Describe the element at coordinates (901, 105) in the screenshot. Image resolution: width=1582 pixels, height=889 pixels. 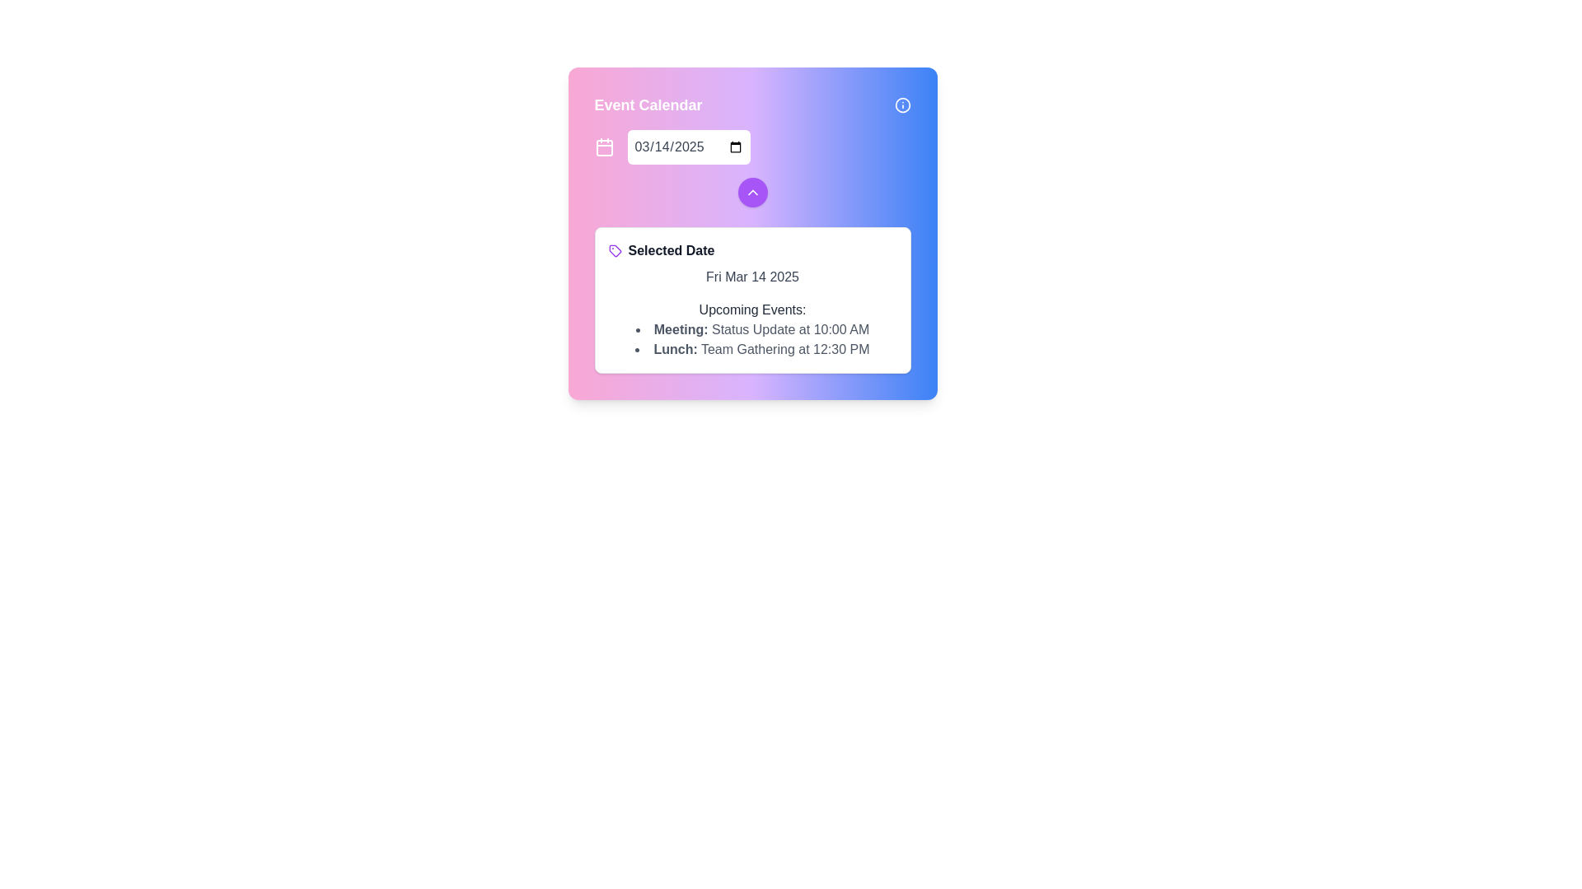
I see `the circular icon with a white border and blue center located at the top-right corner of the 'Event Calendar' card, which represents an information tooltip` at that location.